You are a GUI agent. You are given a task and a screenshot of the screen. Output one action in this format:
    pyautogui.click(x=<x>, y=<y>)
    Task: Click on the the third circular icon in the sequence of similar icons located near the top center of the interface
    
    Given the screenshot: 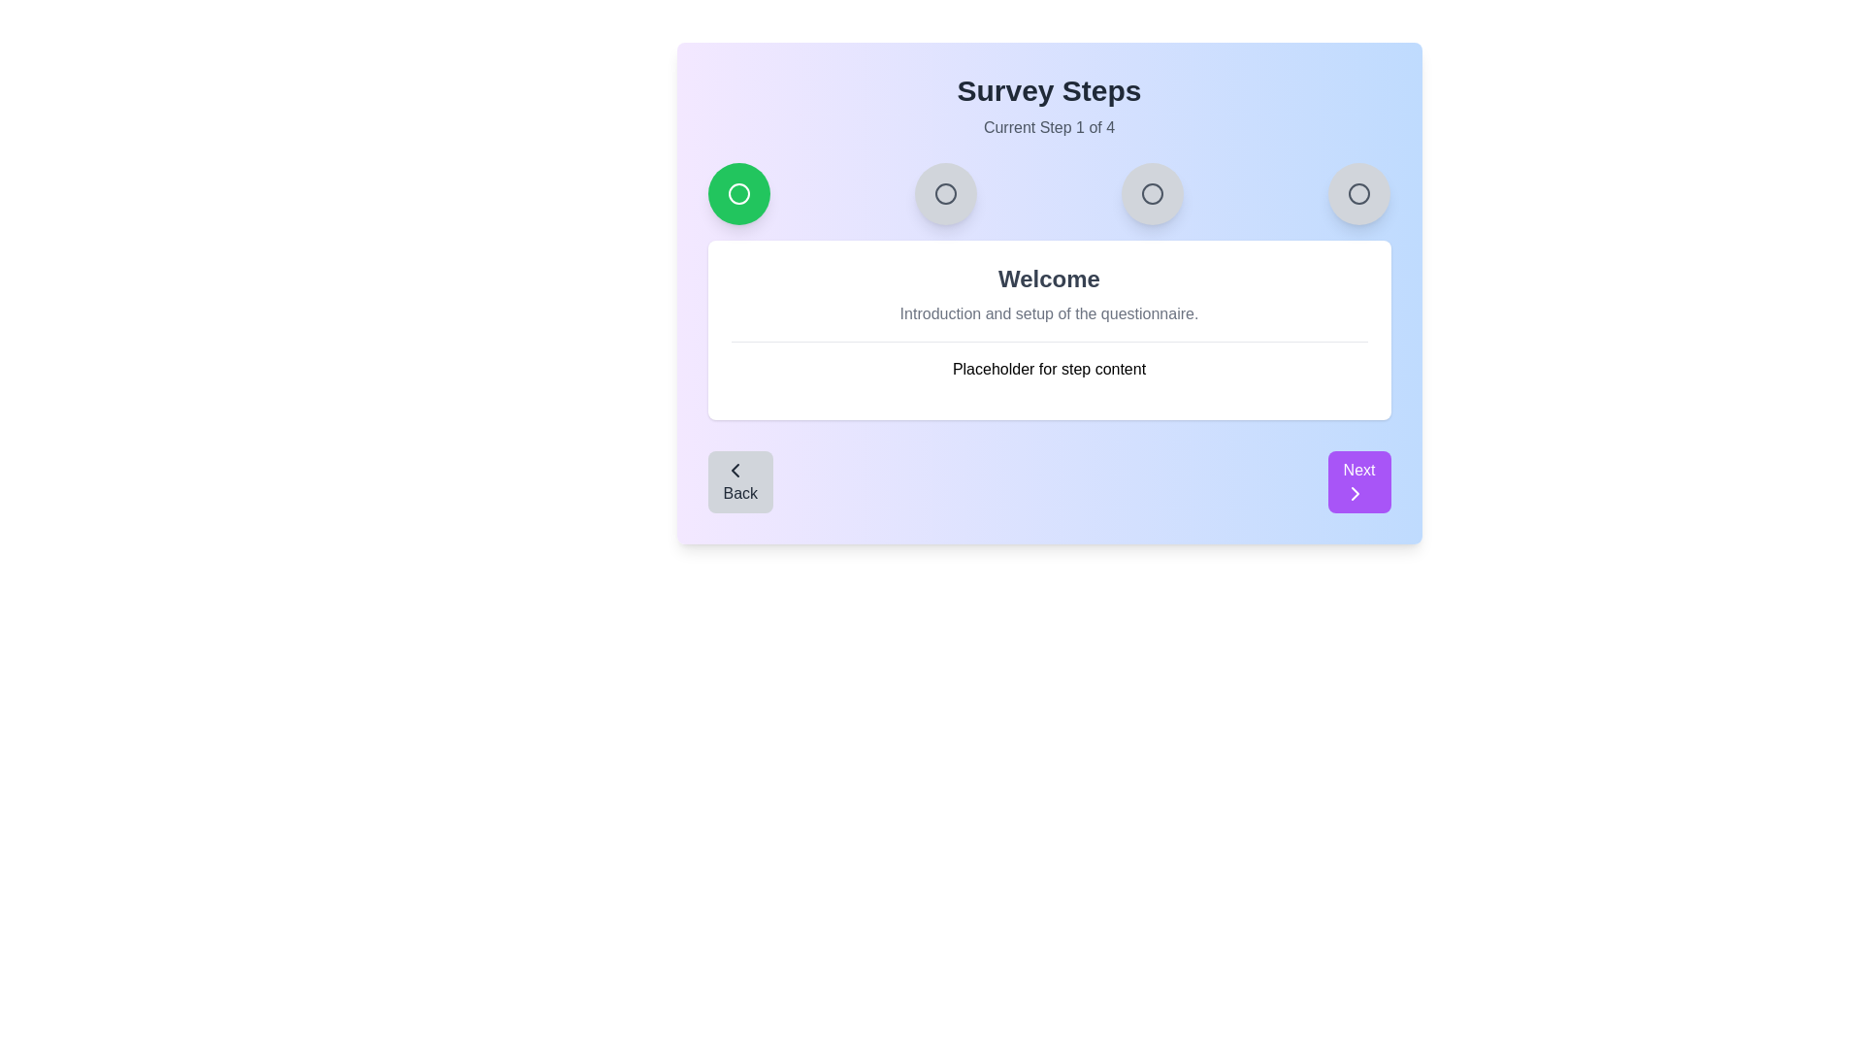 What is the action you would take?
    pyautogui.click(x=1153, y=194)
    